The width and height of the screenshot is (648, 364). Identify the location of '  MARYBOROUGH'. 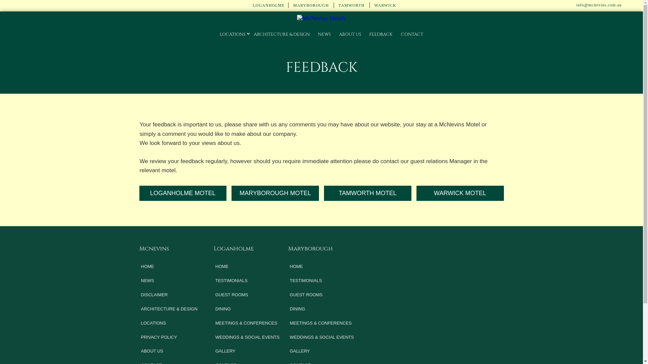
(310, 5).